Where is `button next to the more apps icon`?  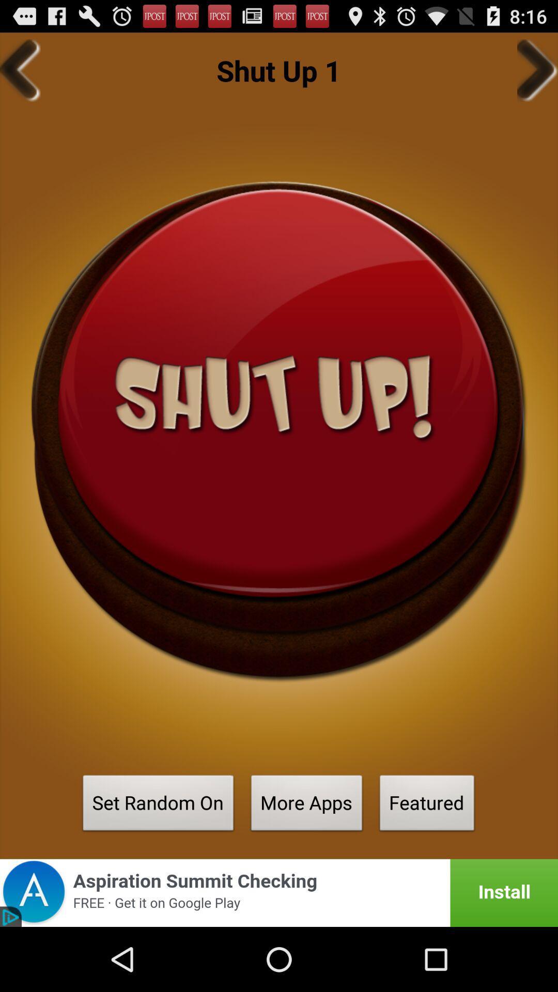
button next to the more apps icon is located at coordinates (158, 805).